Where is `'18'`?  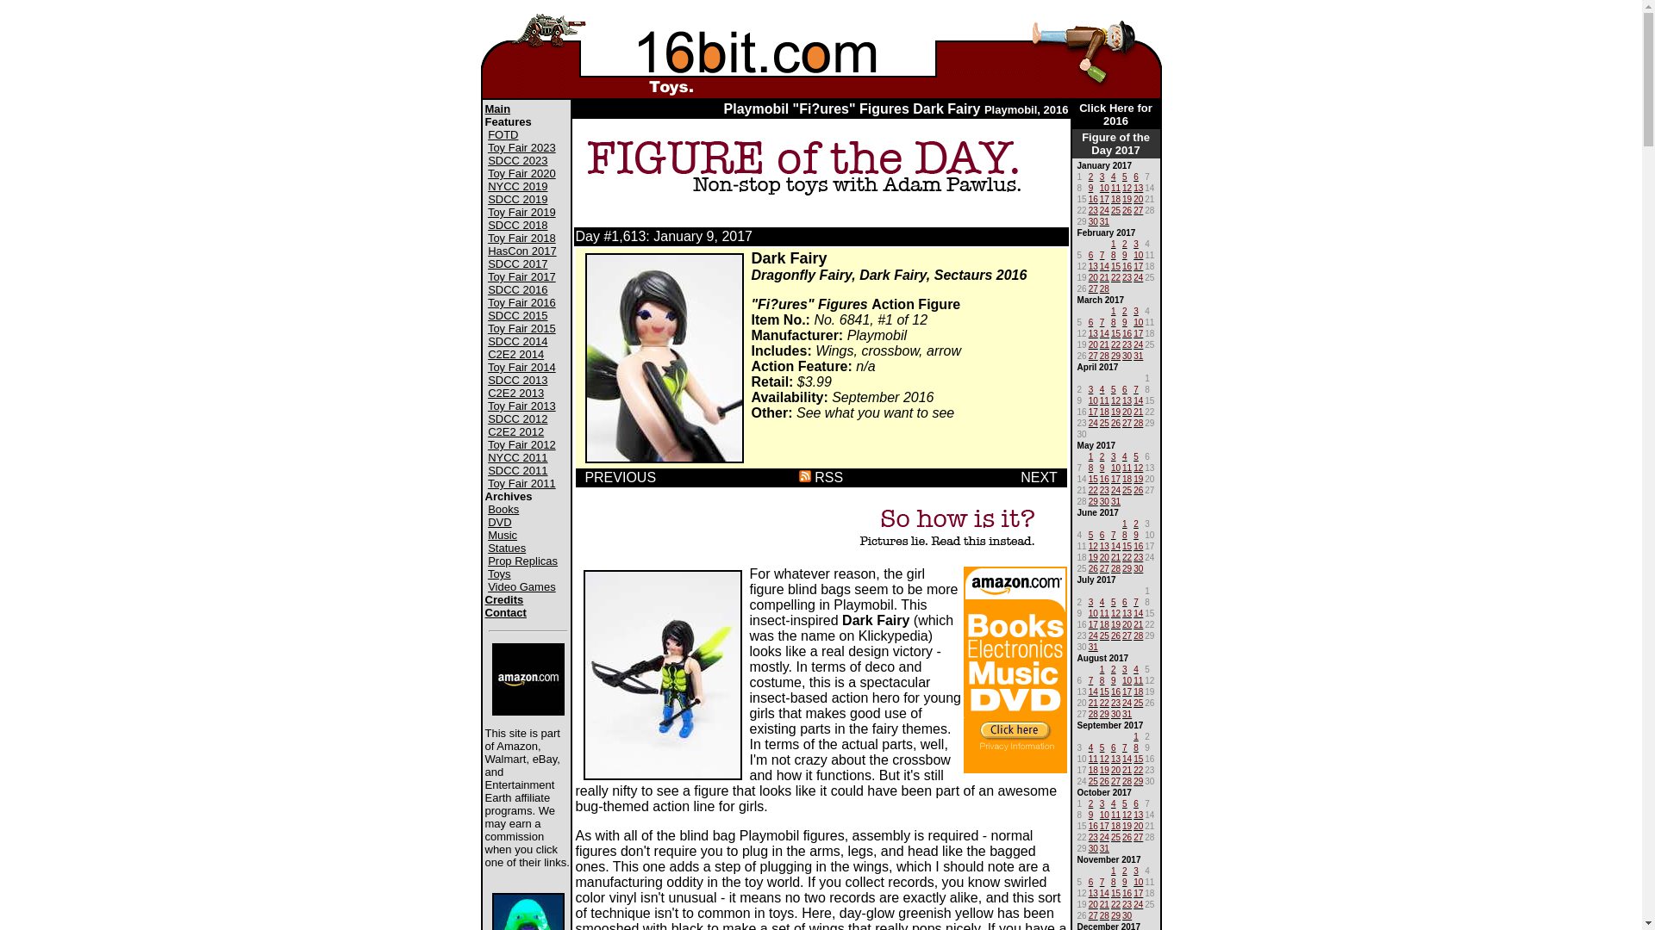
'18' is located at coordinates (1111, 196).